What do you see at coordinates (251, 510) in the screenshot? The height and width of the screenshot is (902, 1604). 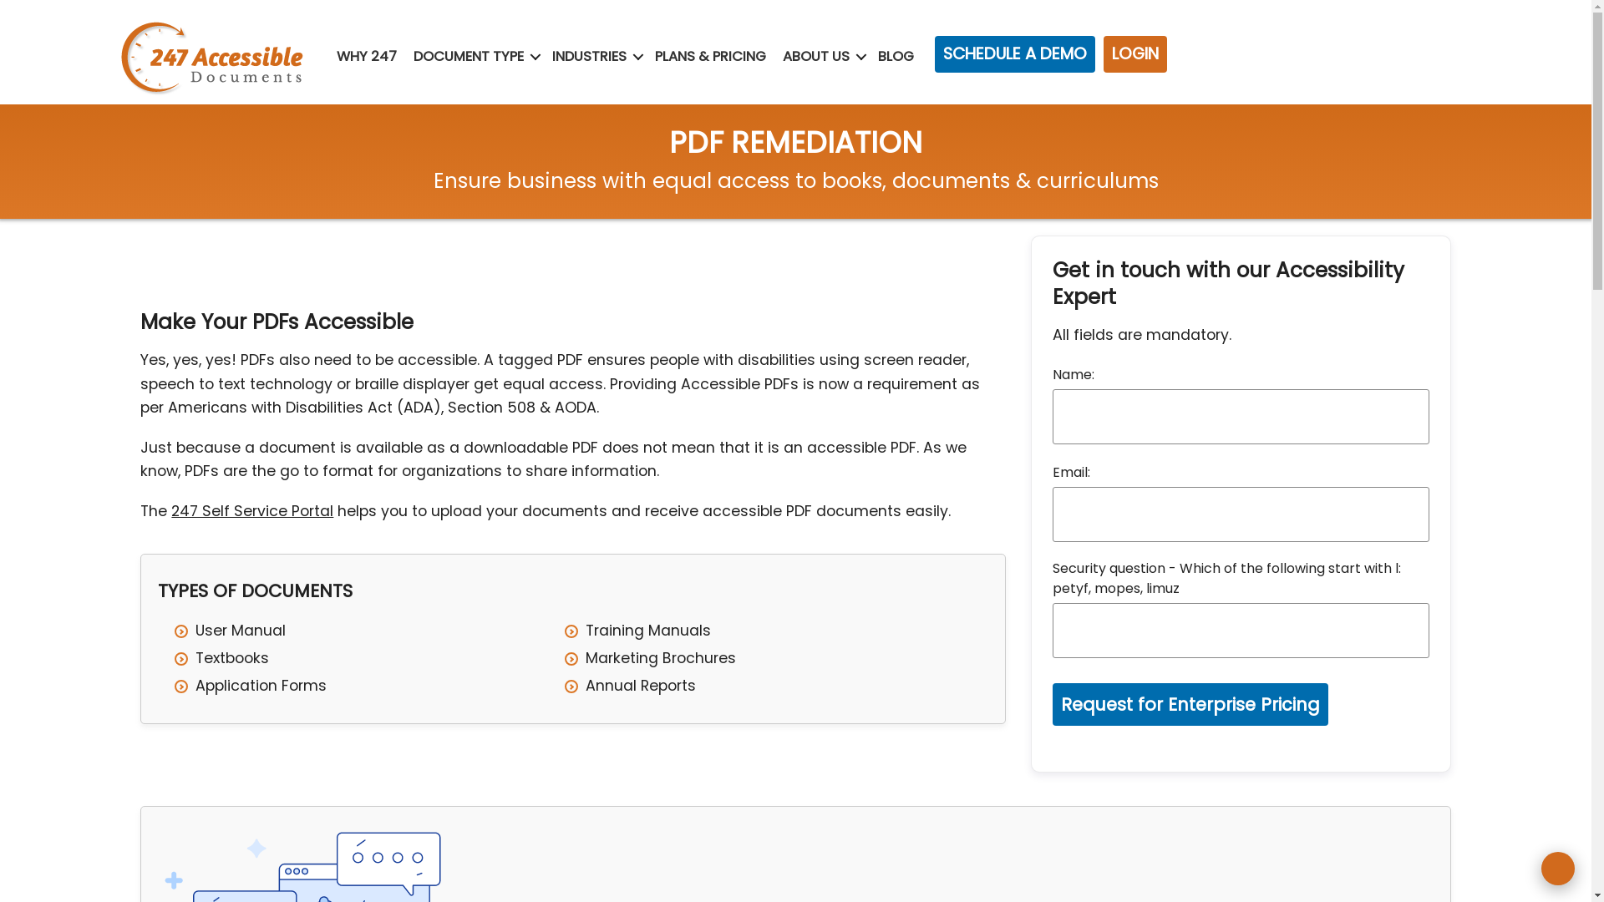 I see `'247 Self Service Portal'` at bounding box center [251, 510].